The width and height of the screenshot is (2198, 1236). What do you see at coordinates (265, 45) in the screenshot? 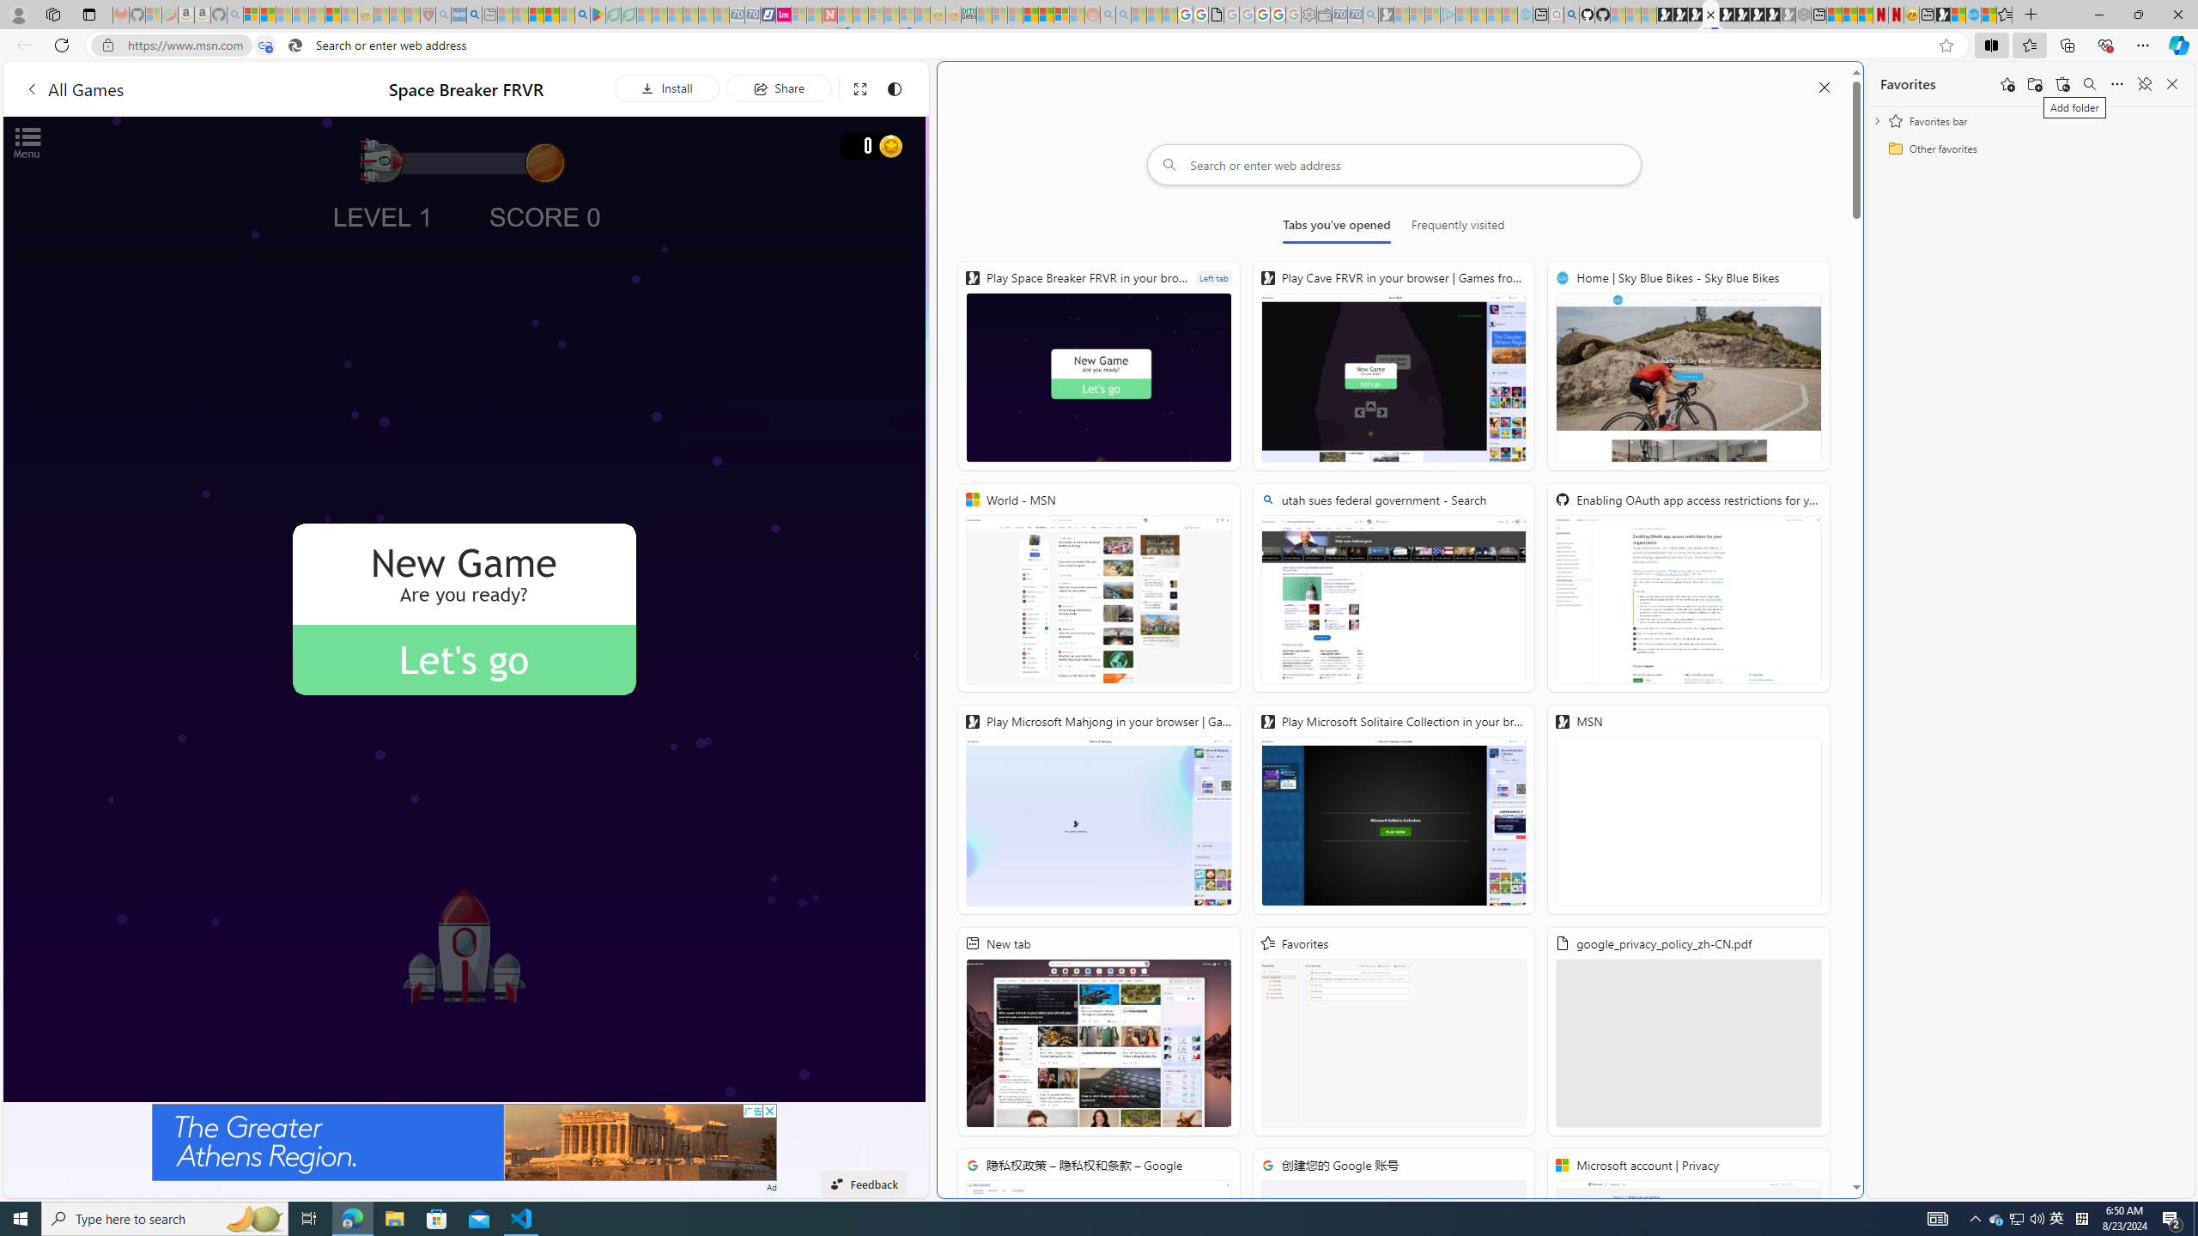
I see `'Tabs in split screen'` at bounding box center [265, 45].